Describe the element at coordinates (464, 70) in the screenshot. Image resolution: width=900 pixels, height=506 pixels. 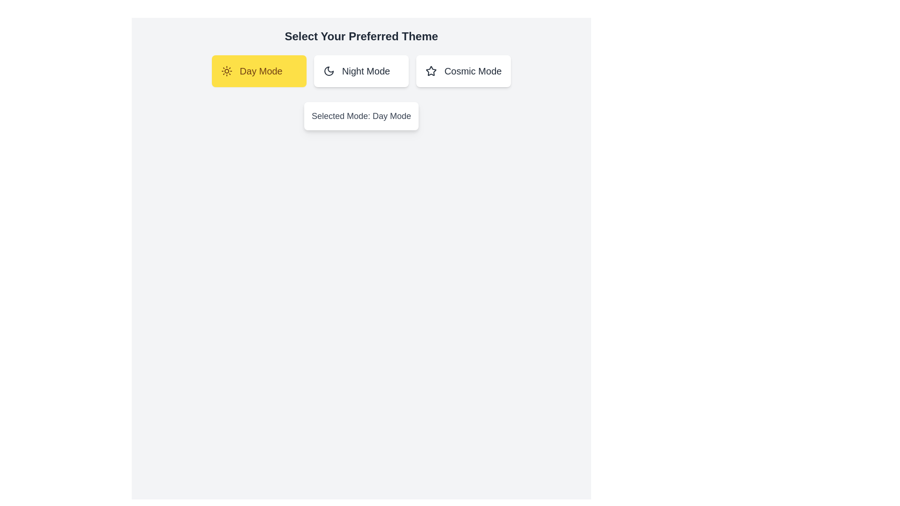
I see `the Cosmic Mode button to observe its hover effect` at that location.